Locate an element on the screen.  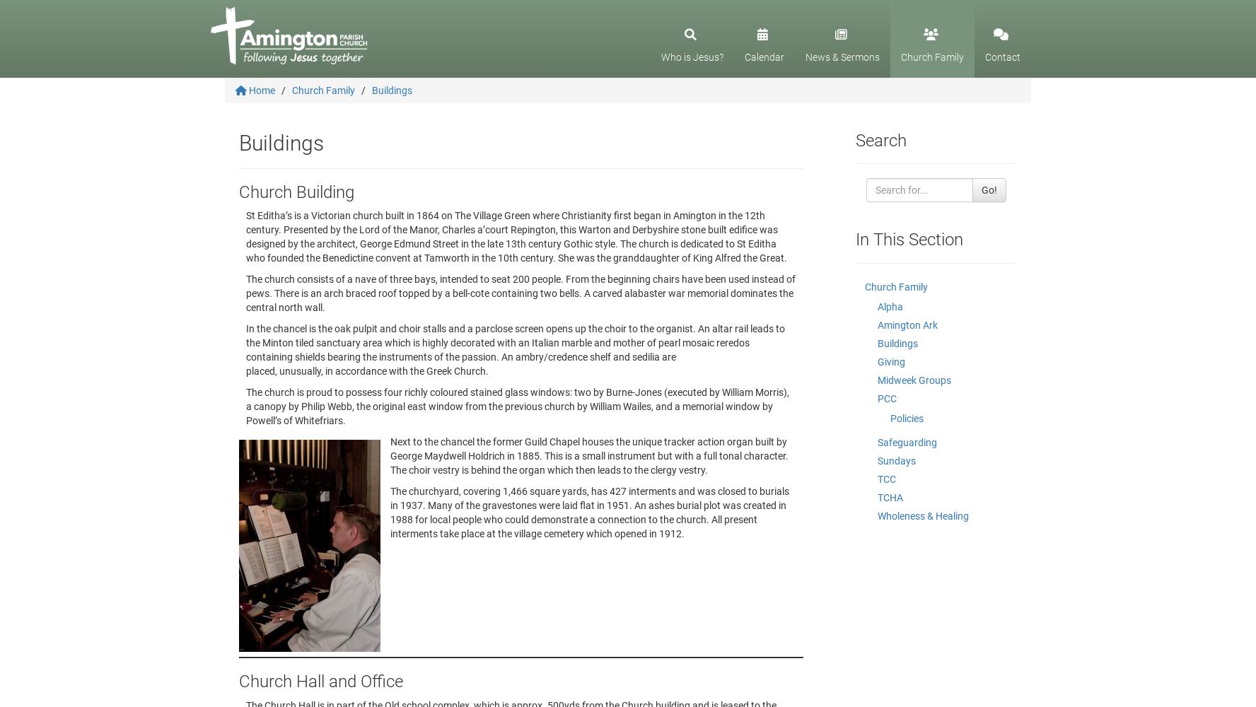
'Policies' is located at coordinates (907, 417).